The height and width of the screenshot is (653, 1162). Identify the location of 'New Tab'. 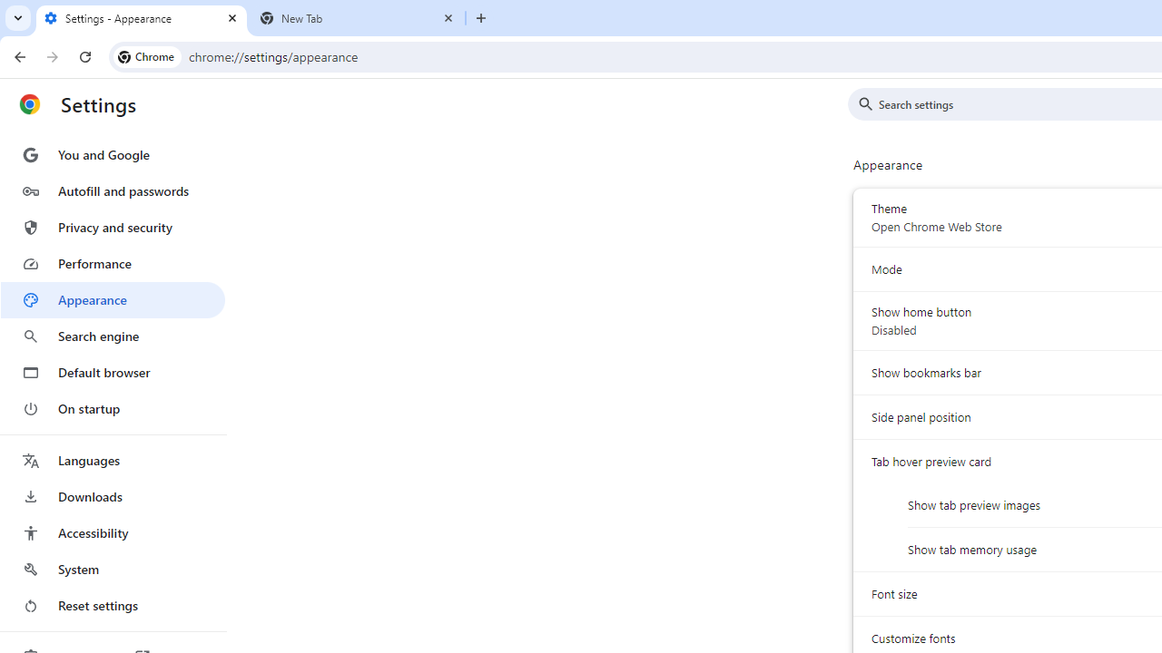
(358, 18).